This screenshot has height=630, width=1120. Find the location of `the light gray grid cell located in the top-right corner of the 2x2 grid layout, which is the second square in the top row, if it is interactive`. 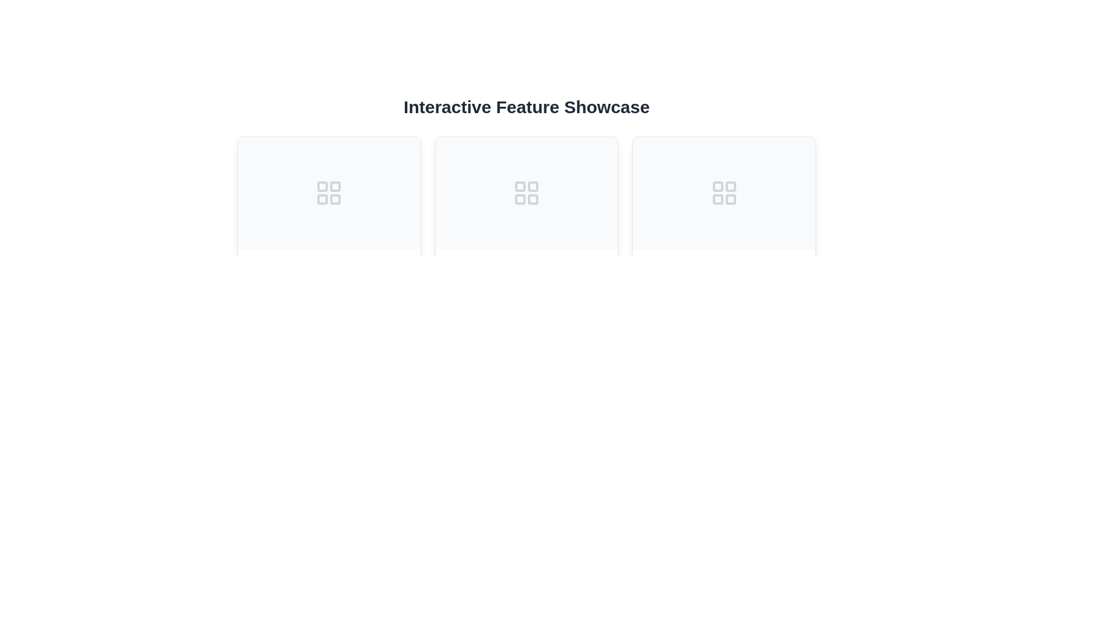

the light gray grid cell located in the top-right corner of the 2x2 grid layout, which is the second square in the top row, if it is interactive is located at coordinates (730, 186).